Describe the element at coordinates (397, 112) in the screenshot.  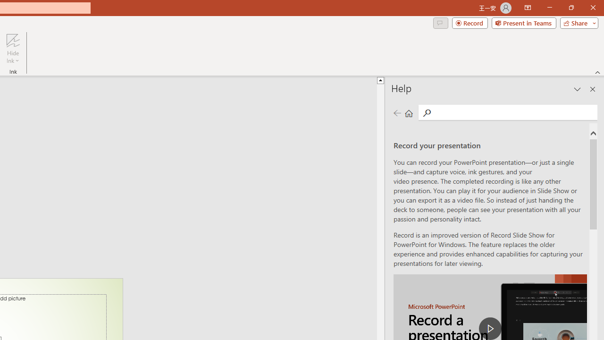
I see `'Previous page'` at that location.